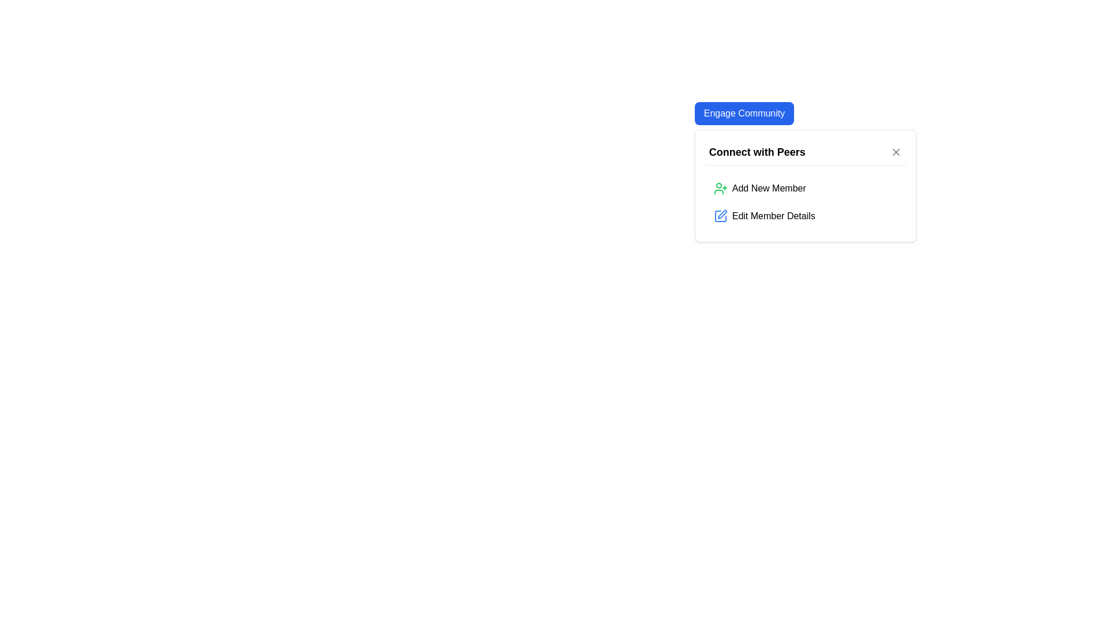  I want to click on the 'Add Member' button located in the 'Connect with Peers' panel, positioned above the 'Edit Member Details' button to initiate adding a new member, so click(804, 188).